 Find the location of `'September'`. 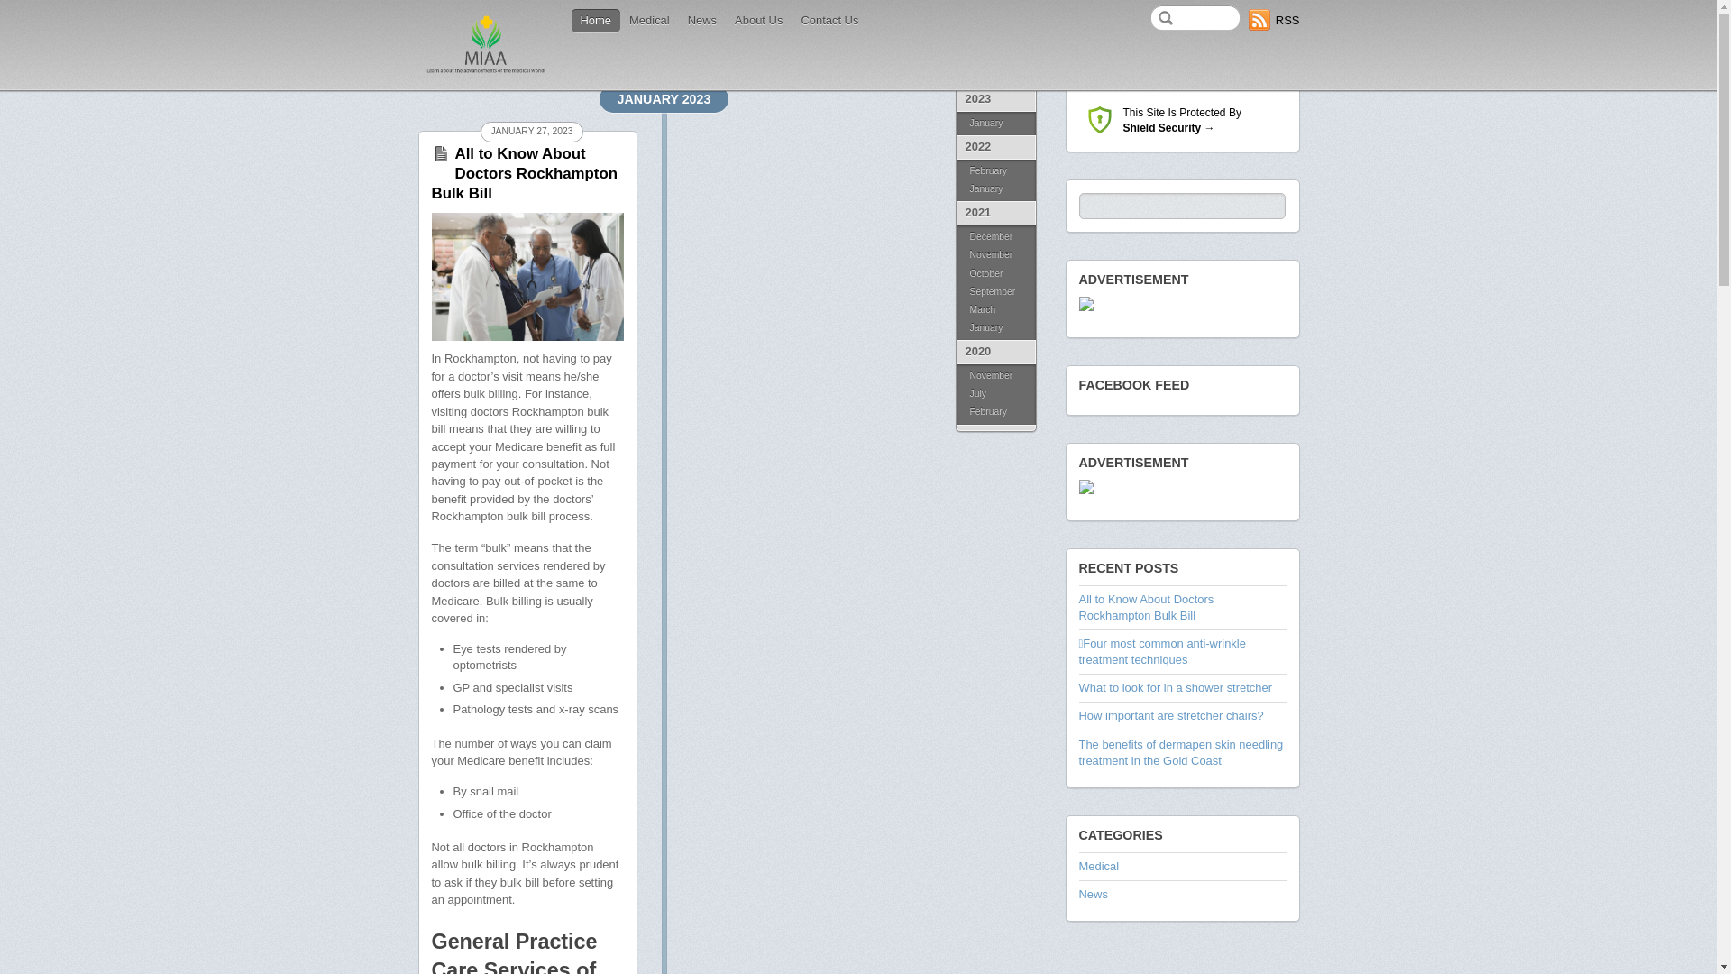

'September' is located at coordinates (994, 291).